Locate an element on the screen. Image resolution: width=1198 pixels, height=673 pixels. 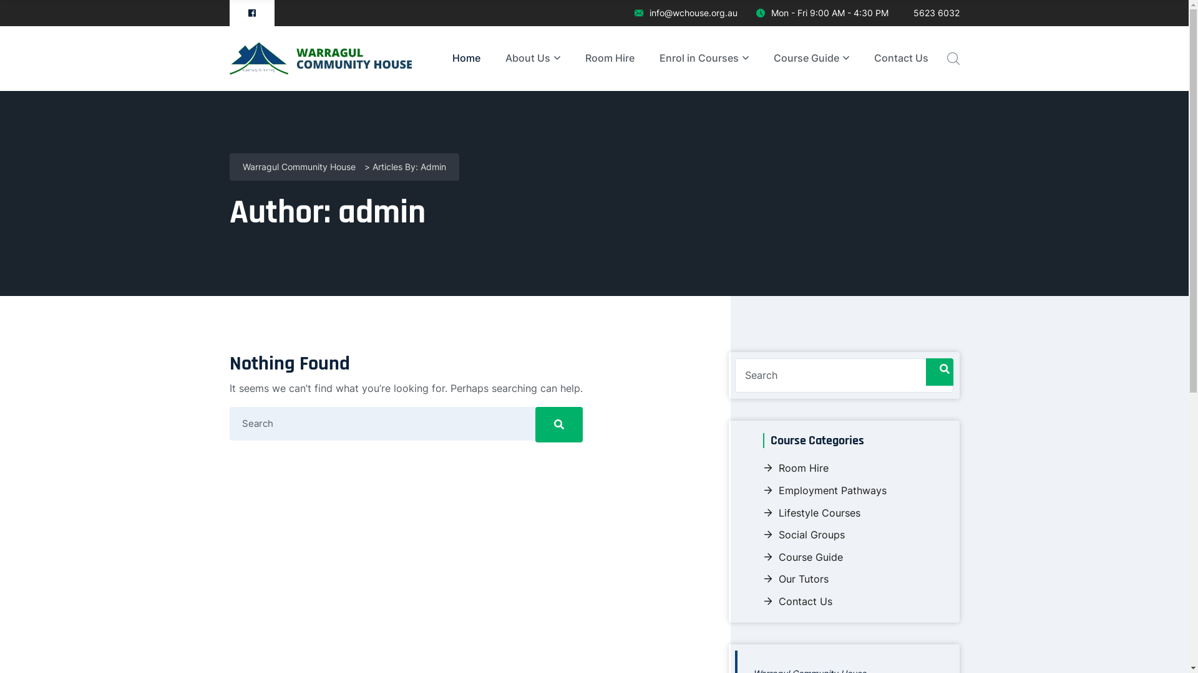
'Contact Us' is located at coordinates (796, 600).